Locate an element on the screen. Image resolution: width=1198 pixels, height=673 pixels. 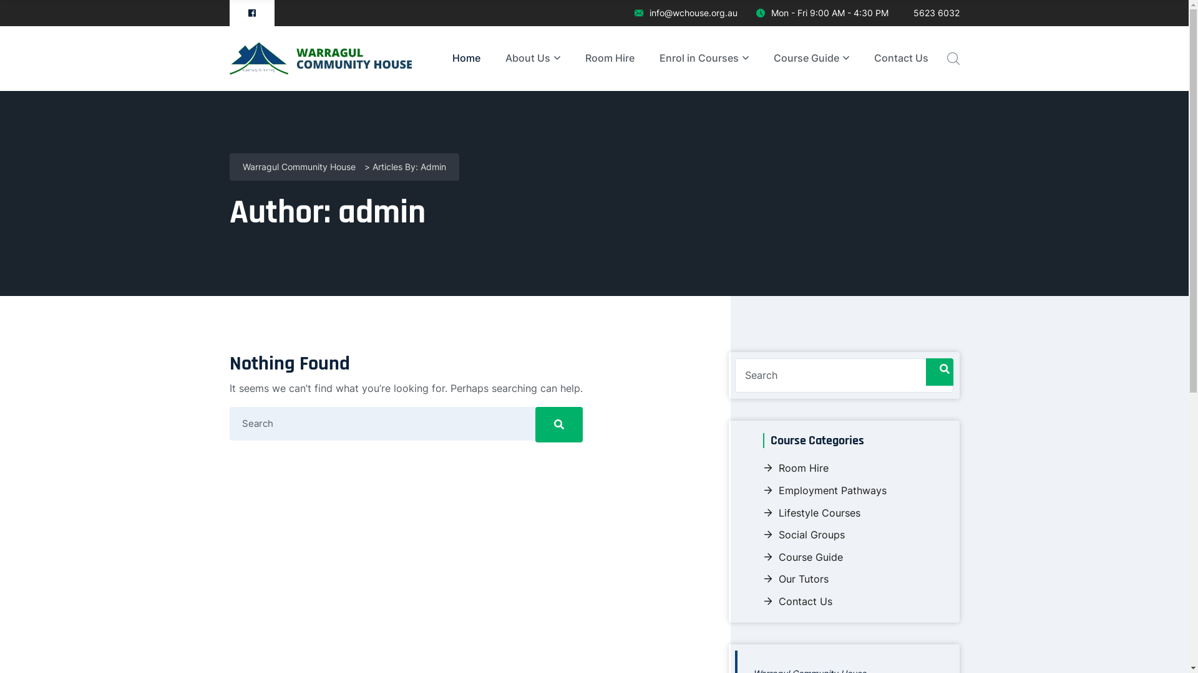
'Contact Us' is located at coordinates (796, 600).